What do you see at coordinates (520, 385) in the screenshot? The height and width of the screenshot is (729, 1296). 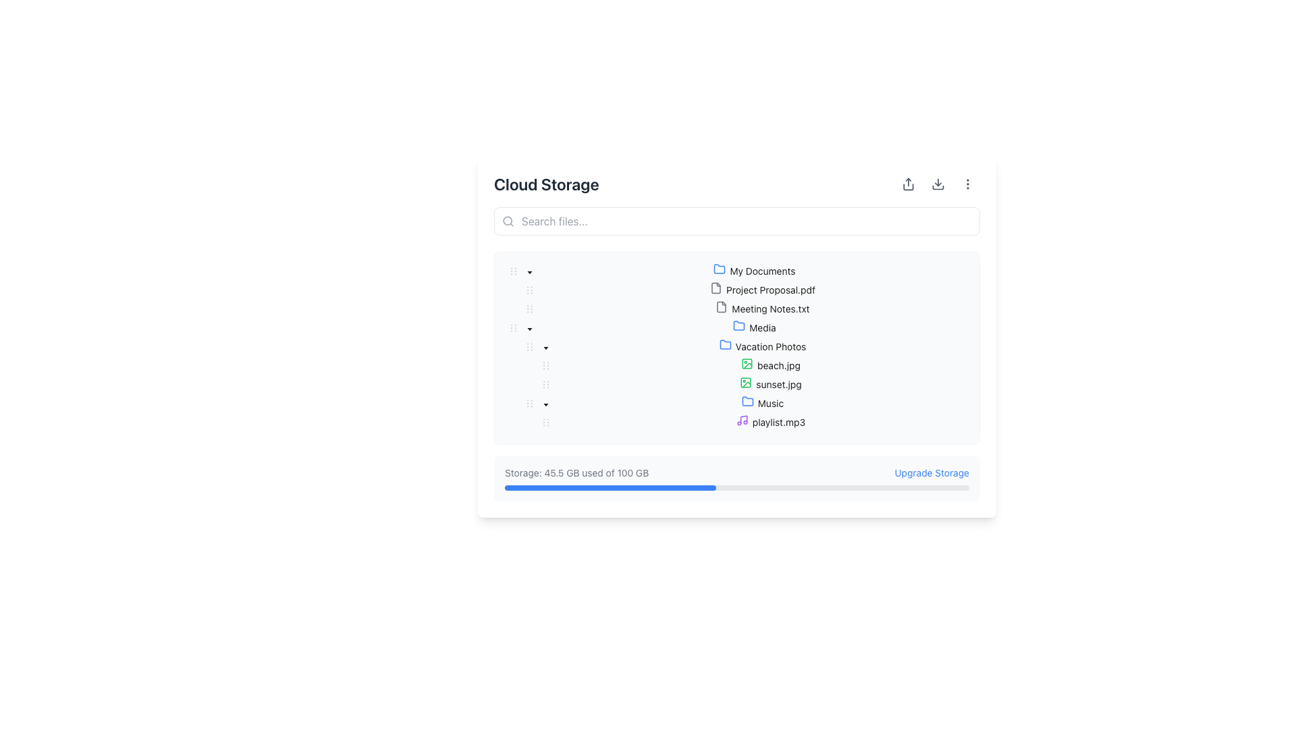 I see `the decorative hierarchical indentation marker element located to the left of the 'sunset.jpg' entry, which is indicated by two small dots arranged horizontally` at bounding box center [520, 385].